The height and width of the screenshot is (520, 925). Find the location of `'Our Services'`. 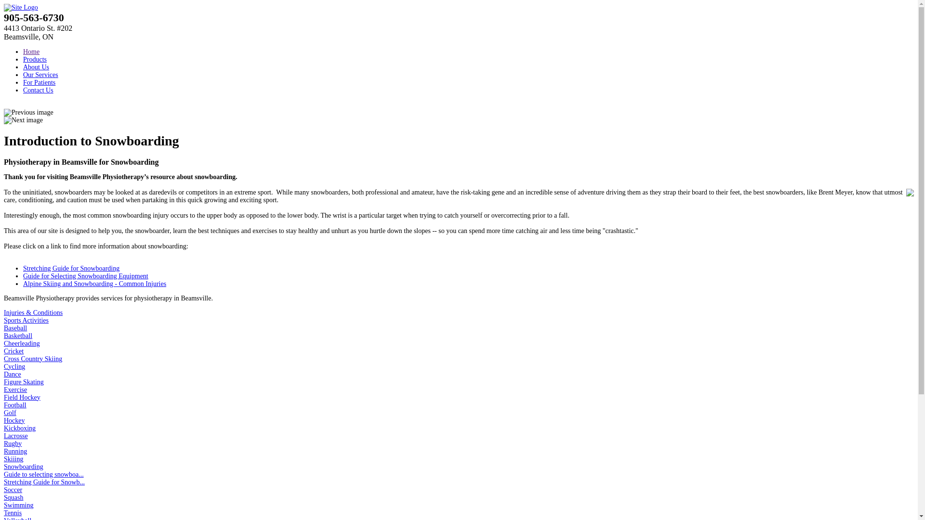

'Our Services' is located at coordinates (40, 74).